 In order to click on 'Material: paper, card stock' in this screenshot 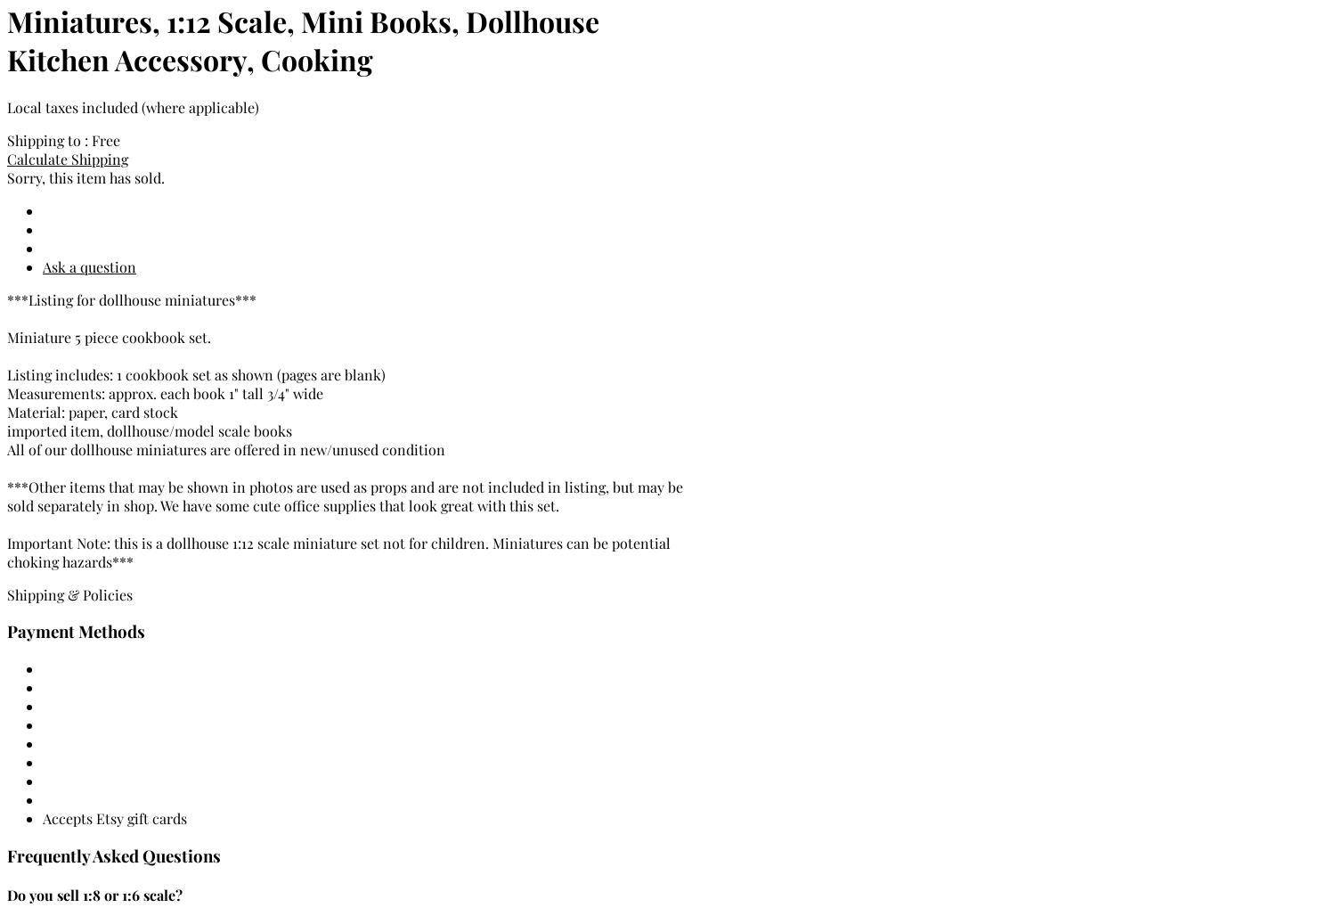, I will do `click(93, 410)`.